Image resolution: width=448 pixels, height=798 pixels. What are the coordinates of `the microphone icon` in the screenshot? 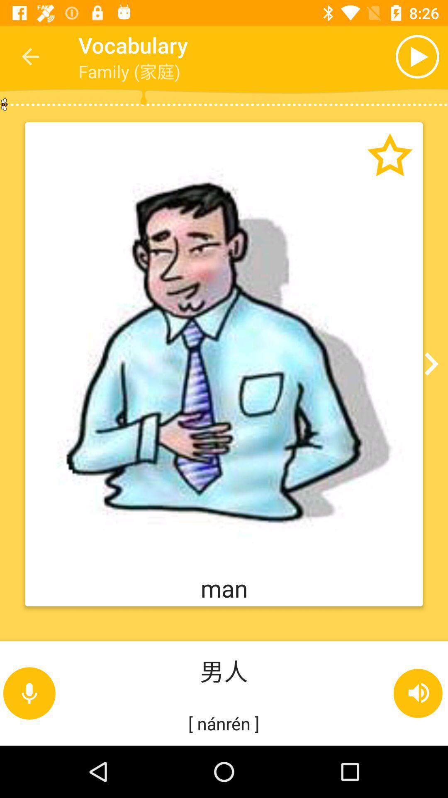 It's located at (29, 693).